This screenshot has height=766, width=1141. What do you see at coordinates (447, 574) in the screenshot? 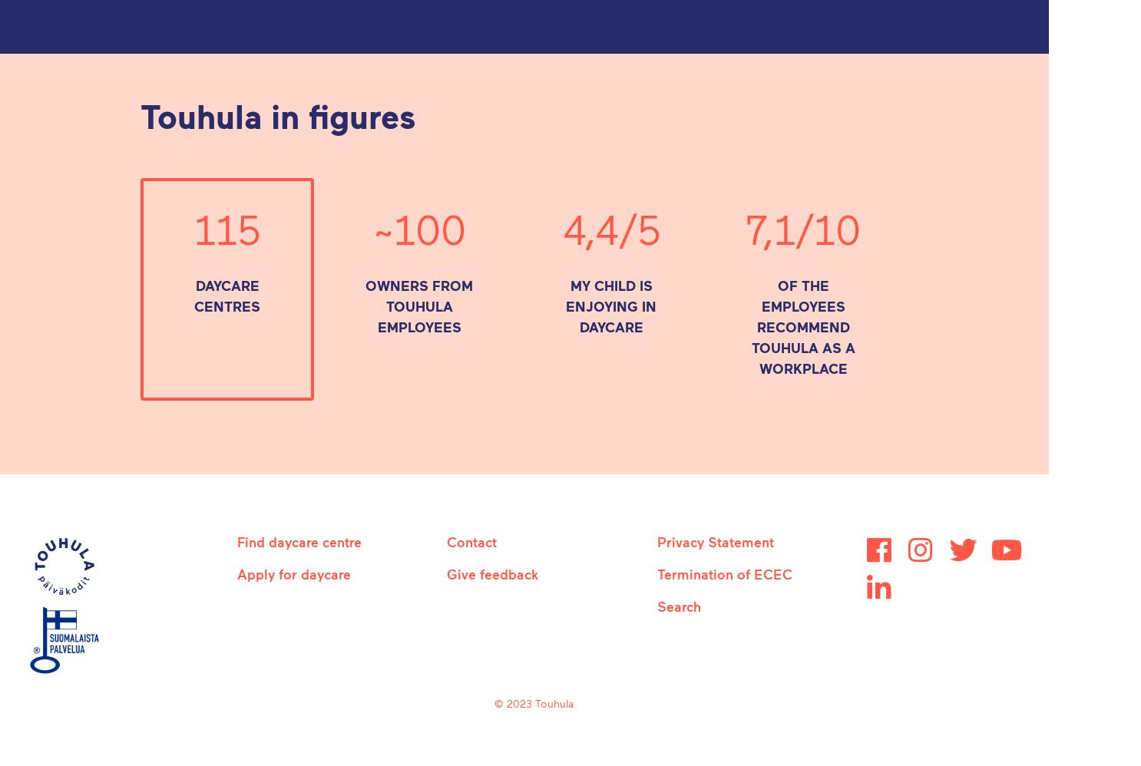
I see `'Give feedback'` at bounding box center [447, 574].